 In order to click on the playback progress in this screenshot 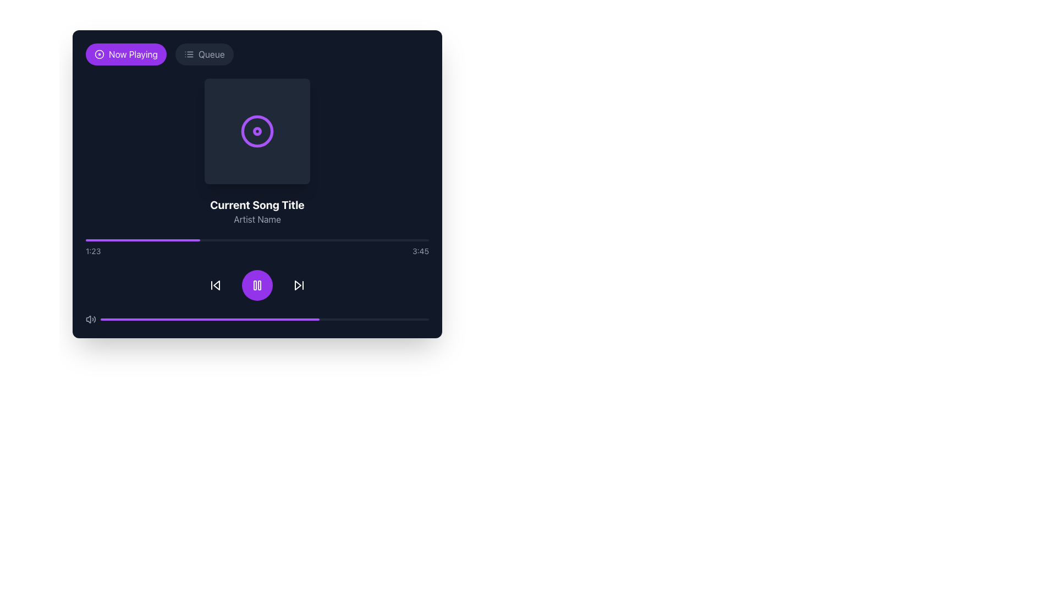, I will do `click(161, 239)`.